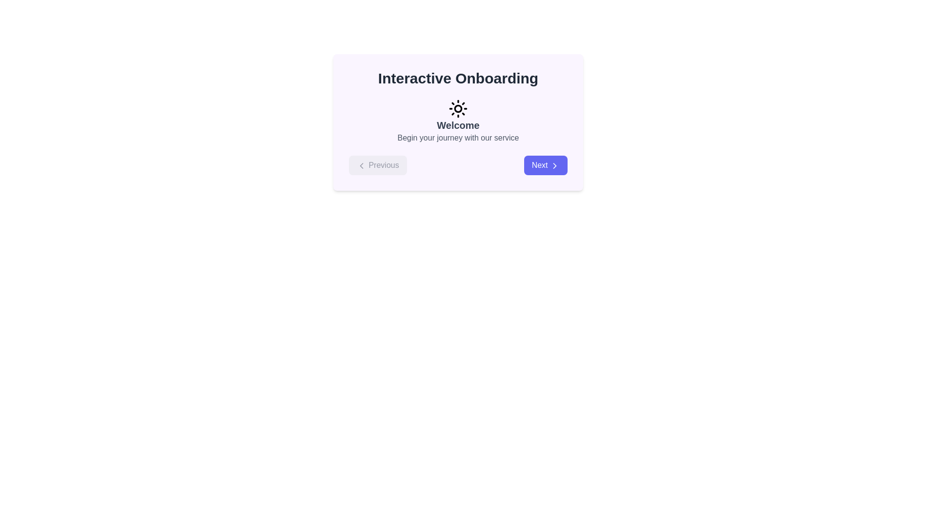 The height and width of the screenshot is (527, 937). What do you see at coordinates (458, 125) in the screenshot?
I see `the Text Label positioned centrally beneath the sun-like icon and above the text description 'Begin your journey with our service.'` at bounding box center [458, 125].